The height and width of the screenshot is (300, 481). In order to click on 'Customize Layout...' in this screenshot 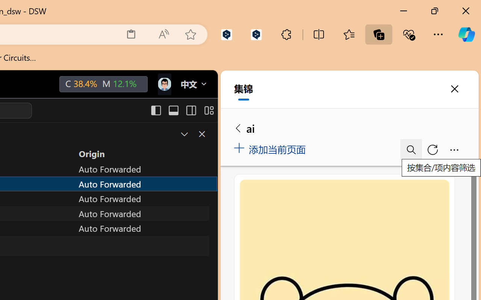, I will do `click(208, 110)`.